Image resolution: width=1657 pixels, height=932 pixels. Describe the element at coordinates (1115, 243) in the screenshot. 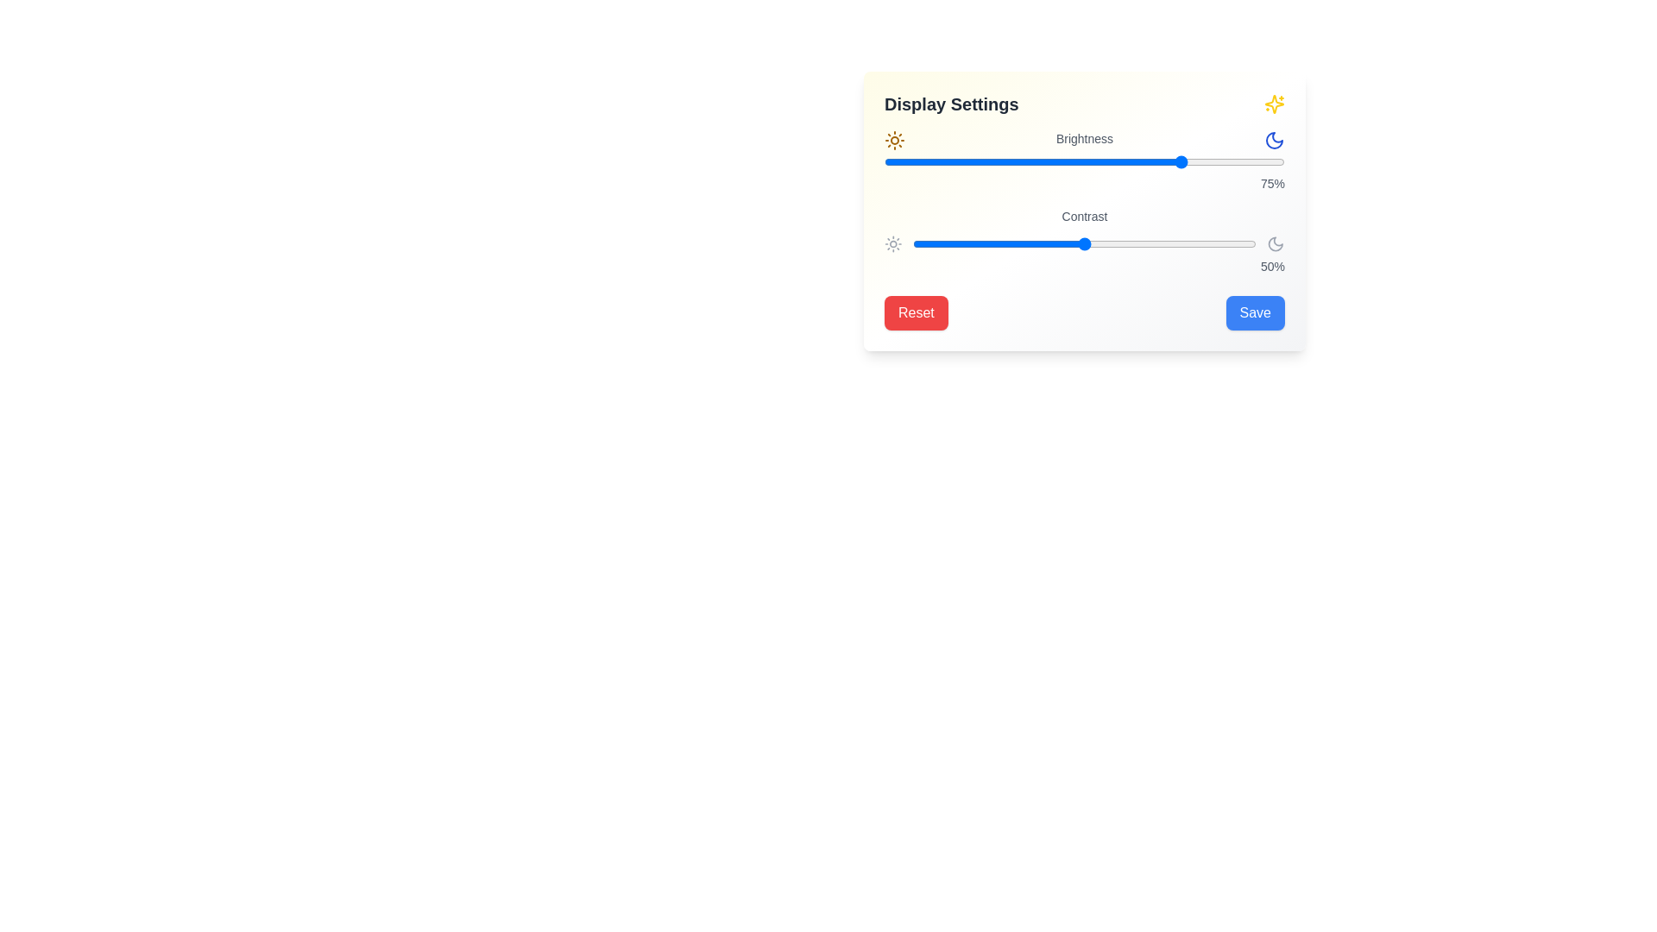

I see `contrast` at that location.